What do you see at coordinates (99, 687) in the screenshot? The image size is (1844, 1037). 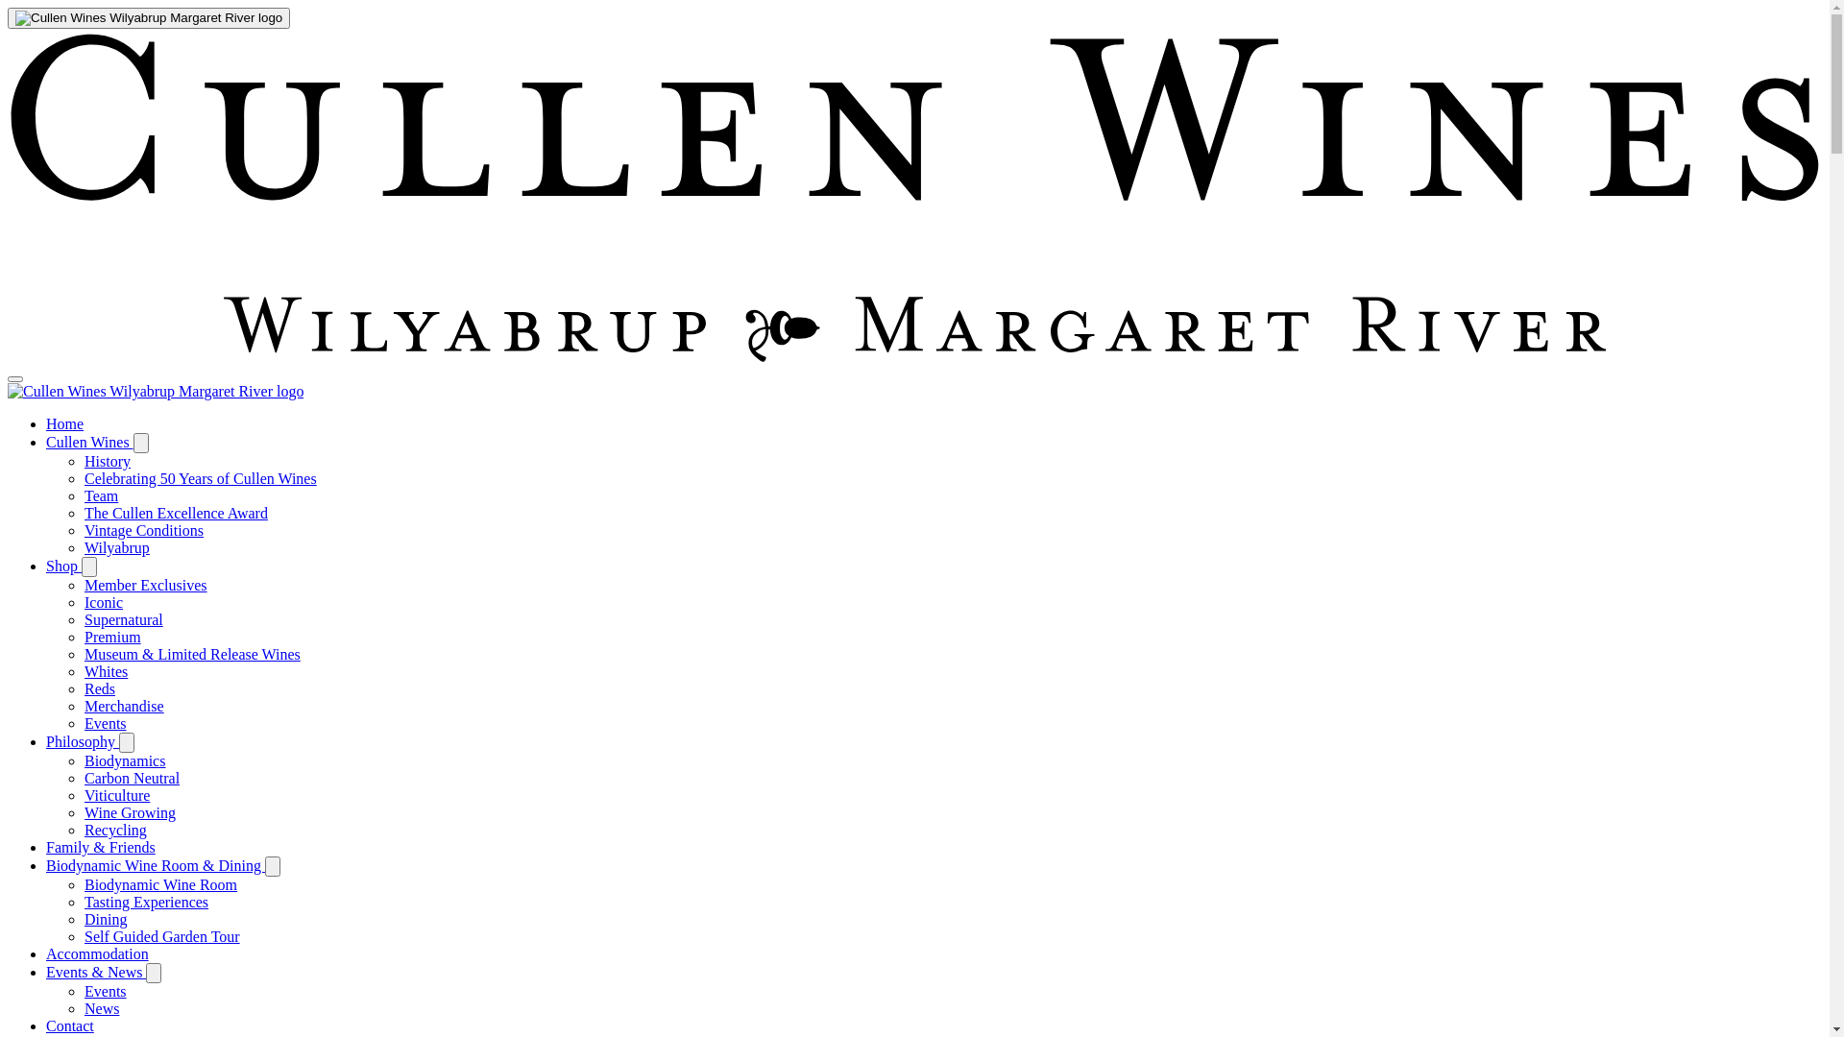 I see `'Reds'` at bounding box center [99, 687].